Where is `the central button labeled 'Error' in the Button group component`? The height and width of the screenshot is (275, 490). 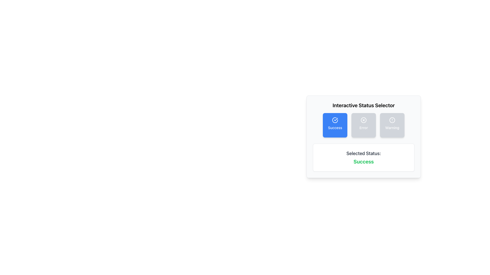 the central button labeled 'Error' in the Button group component is located at coordinates (363, 136).